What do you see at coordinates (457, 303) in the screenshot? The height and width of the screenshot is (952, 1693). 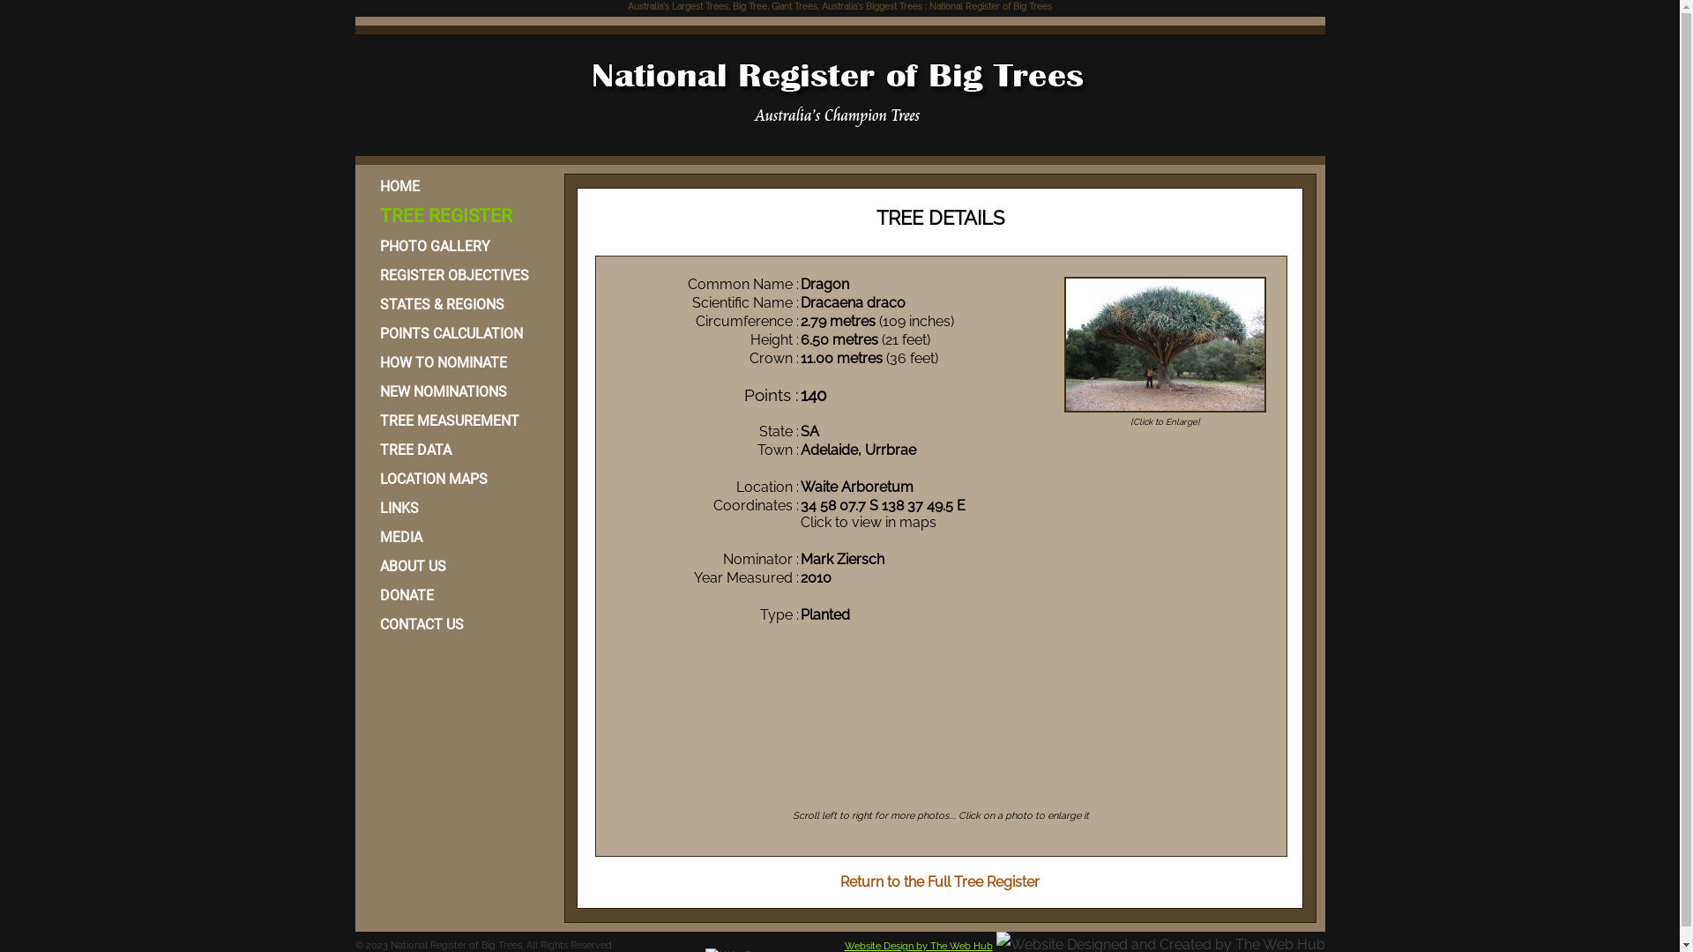 I see `'STATES & REGIONS'` at bounding box center [457, 303].